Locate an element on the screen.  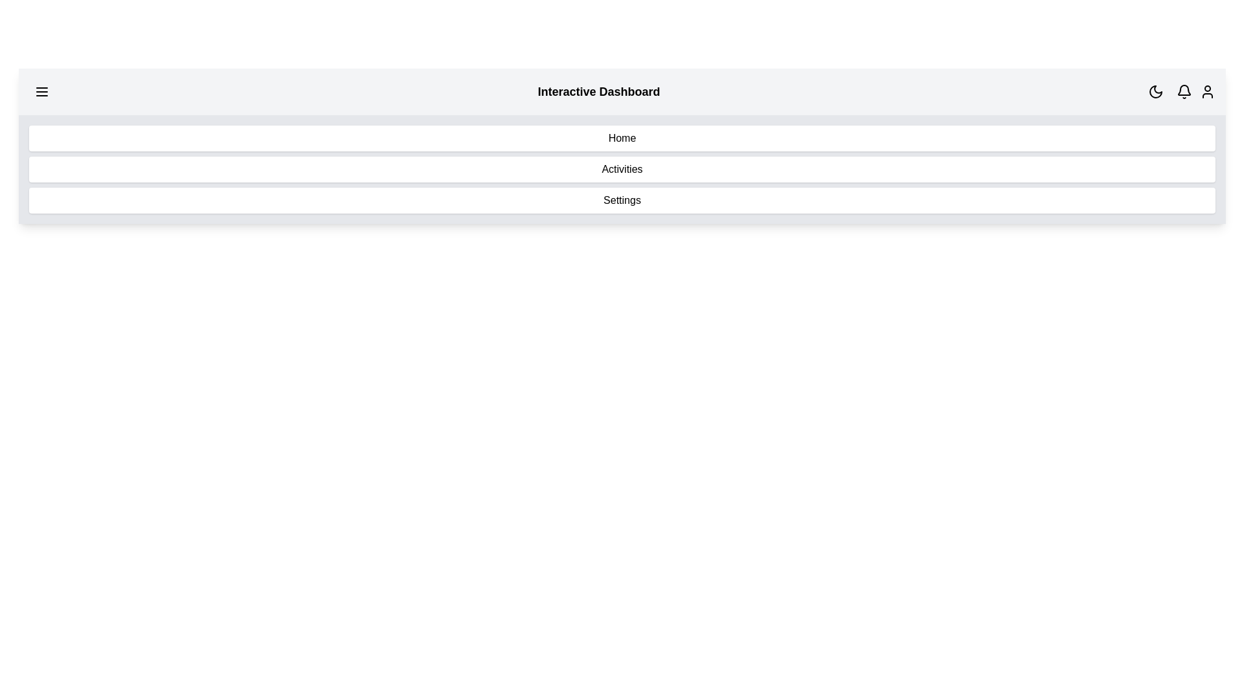
the menu item Settings from the navigation menu is located at coordinates (622, 200).